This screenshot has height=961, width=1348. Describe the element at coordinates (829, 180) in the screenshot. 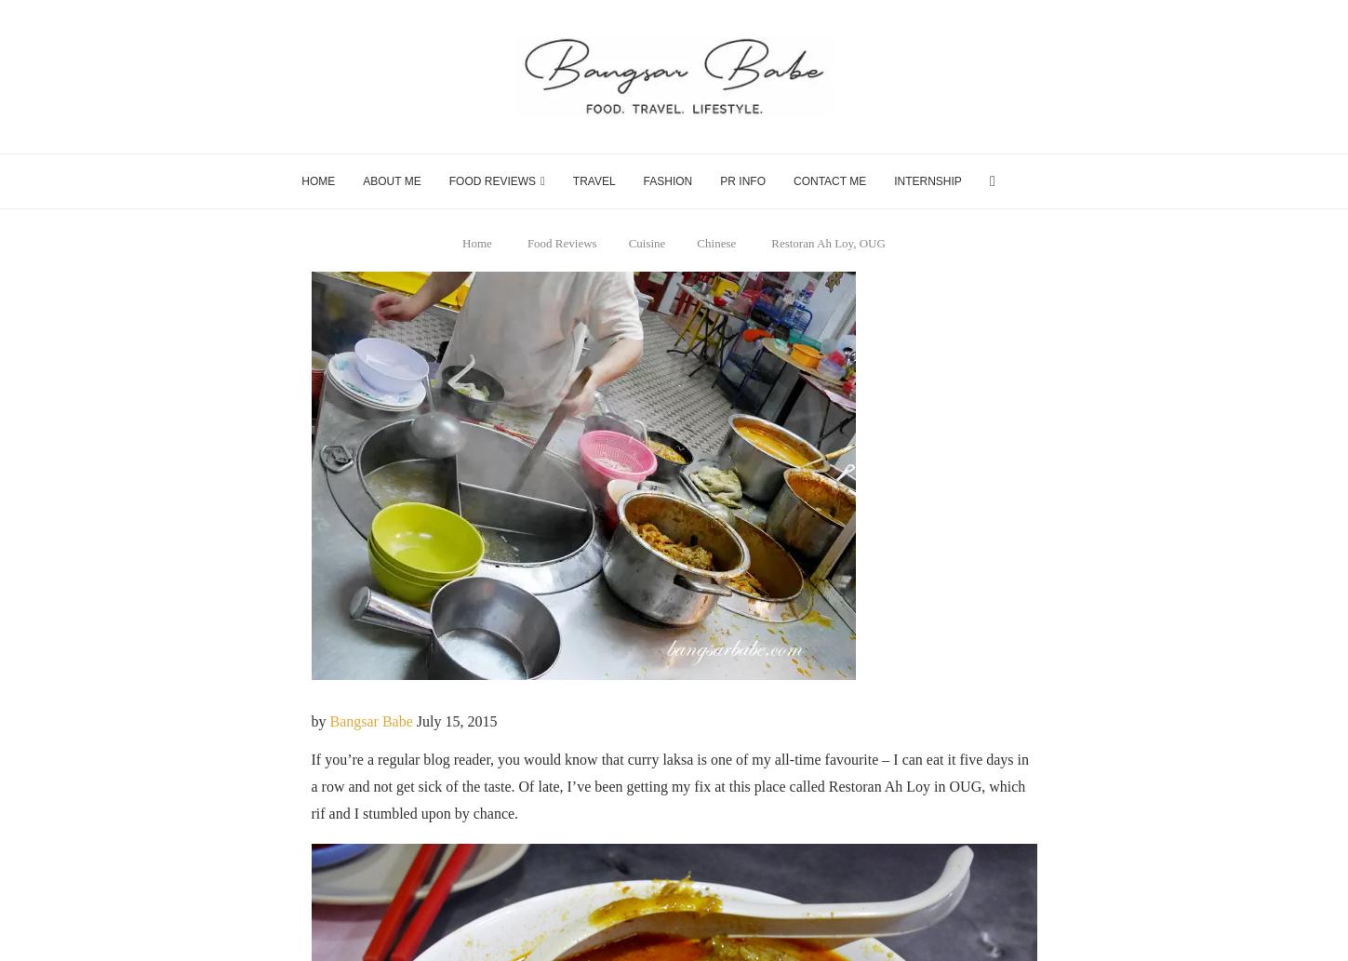

I see `'Contact Me'` at that location.